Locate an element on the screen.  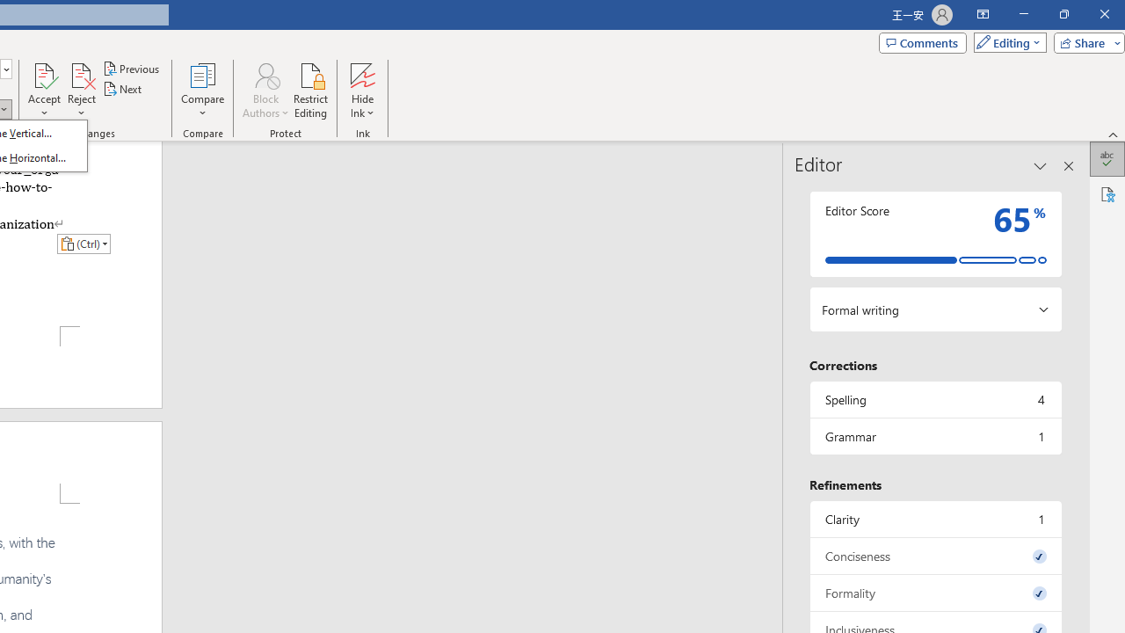
'Accept and Move to Next' is located at coordinates (44, 74).